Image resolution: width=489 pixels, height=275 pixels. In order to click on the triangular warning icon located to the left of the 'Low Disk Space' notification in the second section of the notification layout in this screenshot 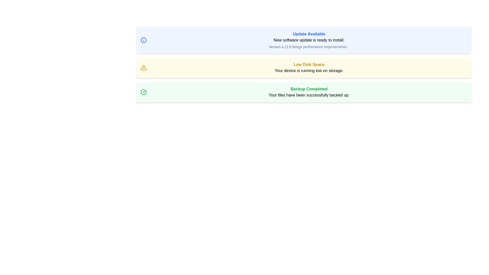, I will do `click(143, 67)`.